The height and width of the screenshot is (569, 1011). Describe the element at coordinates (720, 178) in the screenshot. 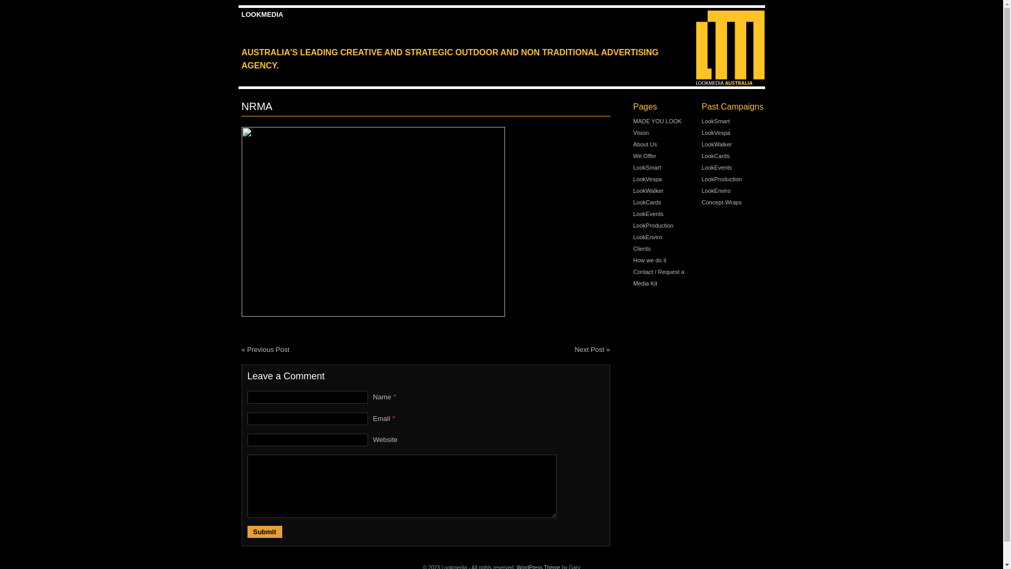

I see `'LookProduction'` at that location.